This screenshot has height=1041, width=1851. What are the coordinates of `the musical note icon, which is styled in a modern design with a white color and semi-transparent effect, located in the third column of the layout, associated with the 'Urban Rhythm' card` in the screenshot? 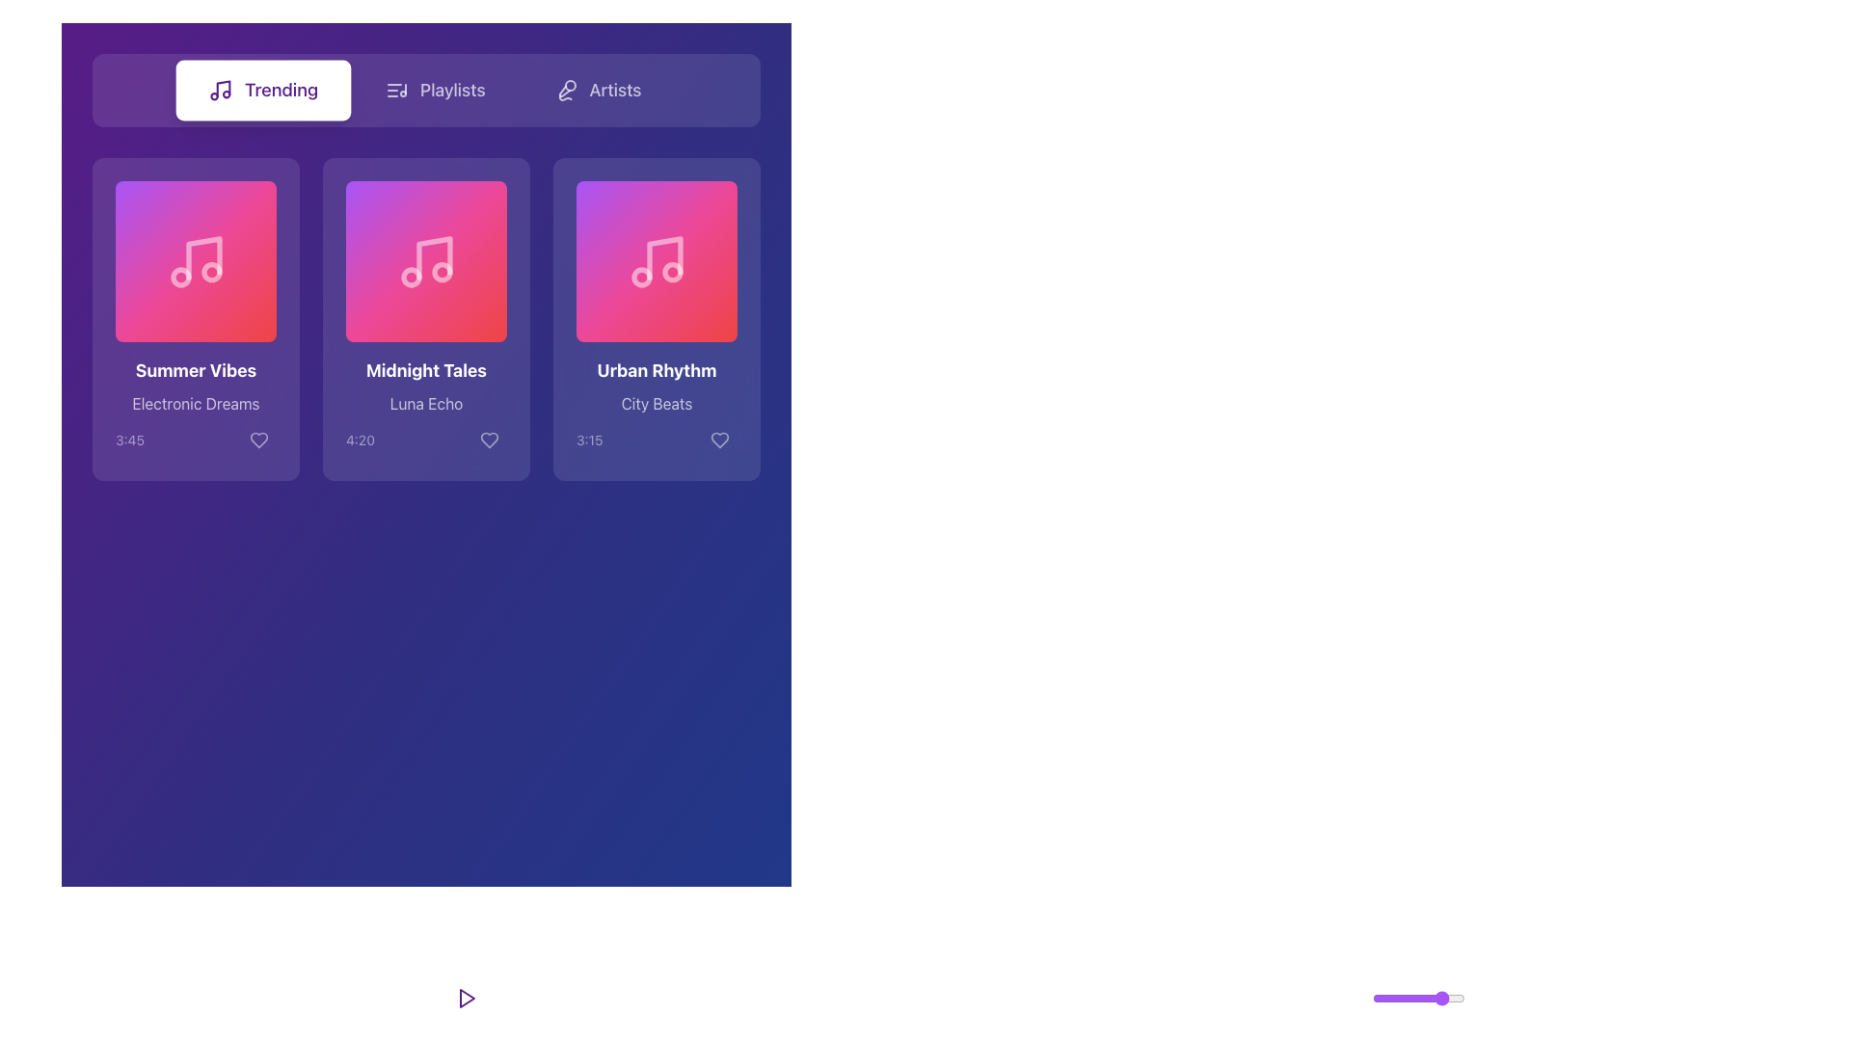 It's located at (657, 261).